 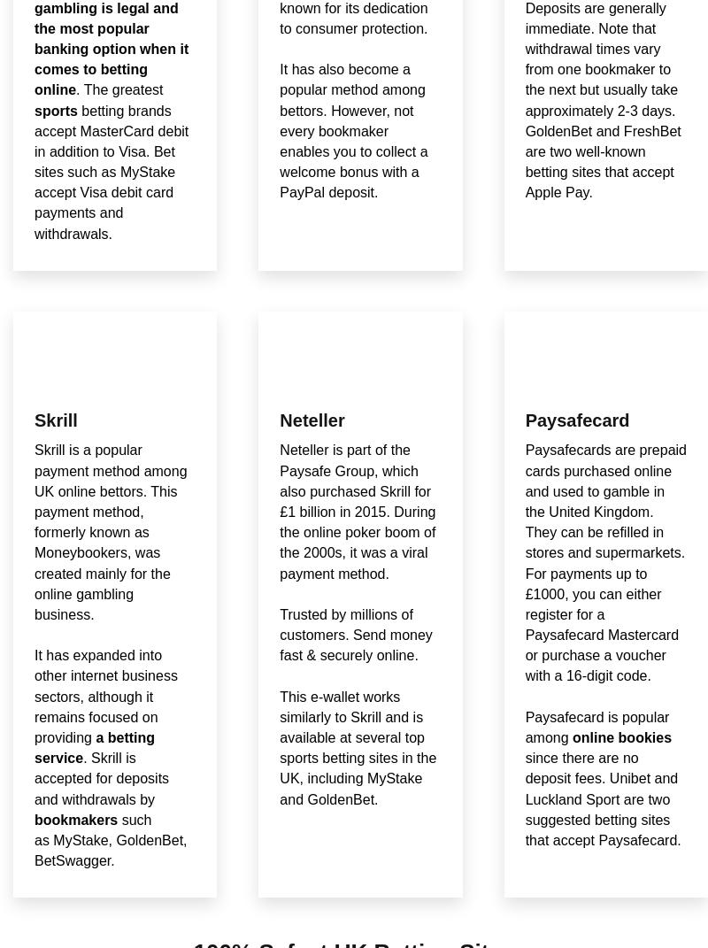 What do you see at coordinates (358, 747) in the screenshot?
I see `'This e-wallet works similarly to Skrill and is available at several top sports betting sites in the UK, including MyStake and GoldenBet.'` at bounding box center [358, 747].